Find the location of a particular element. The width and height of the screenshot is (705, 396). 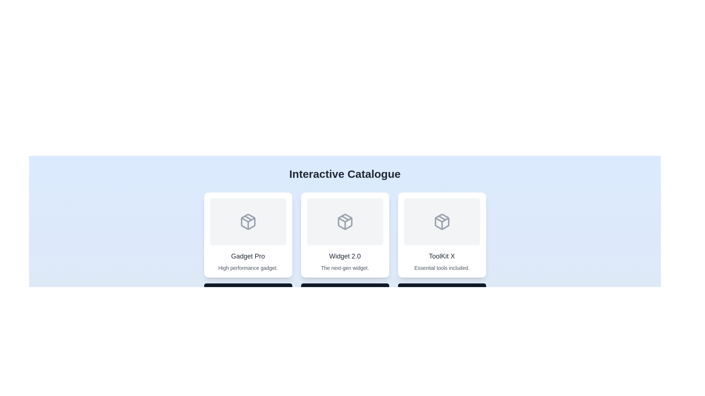

the static text label displaying 'Widget 2.0', which is located in the center segment of the 'Interactive Catalogue' section, part of the second card from the left is located at coordinates (344, 256).